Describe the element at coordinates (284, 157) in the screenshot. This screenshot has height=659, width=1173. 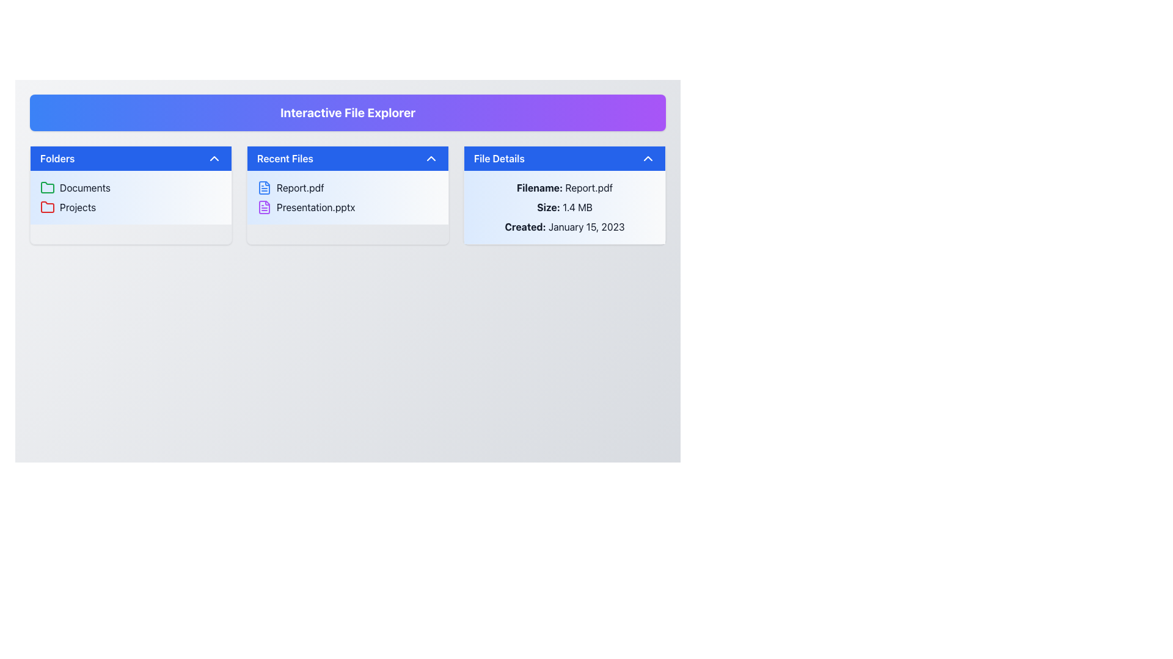
I see `the 'Recent Files' text label, which is displayed in bold white font on a blue background and is centrally positioned in the middle section of its row` at that location.